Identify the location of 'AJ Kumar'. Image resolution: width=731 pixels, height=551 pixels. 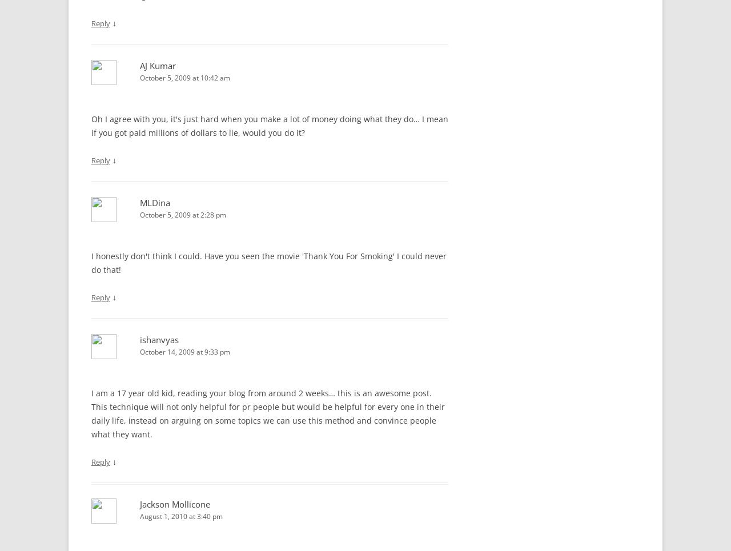
(139, 66).